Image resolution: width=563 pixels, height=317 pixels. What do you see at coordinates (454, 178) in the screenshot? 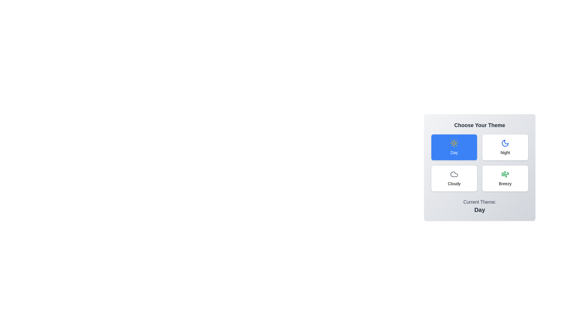
I see `the button corresponding to the theme Cloudy` at bounding box center [454, 178].